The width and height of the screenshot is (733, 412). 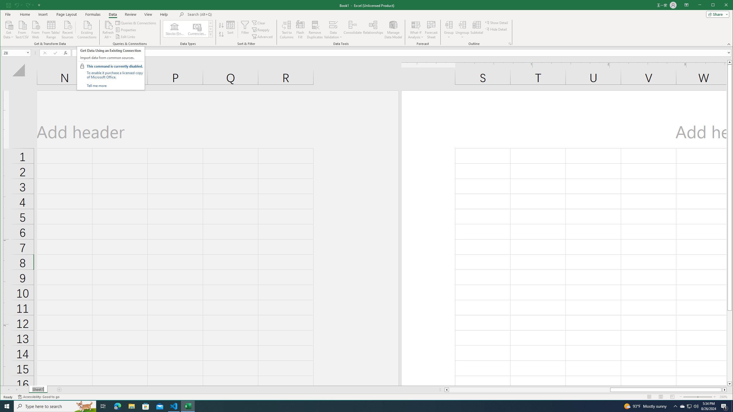 What do you see at coordinates (55, 406) in the screenshot?
I see `'Type here to search'` at bounding box center [55, 406].